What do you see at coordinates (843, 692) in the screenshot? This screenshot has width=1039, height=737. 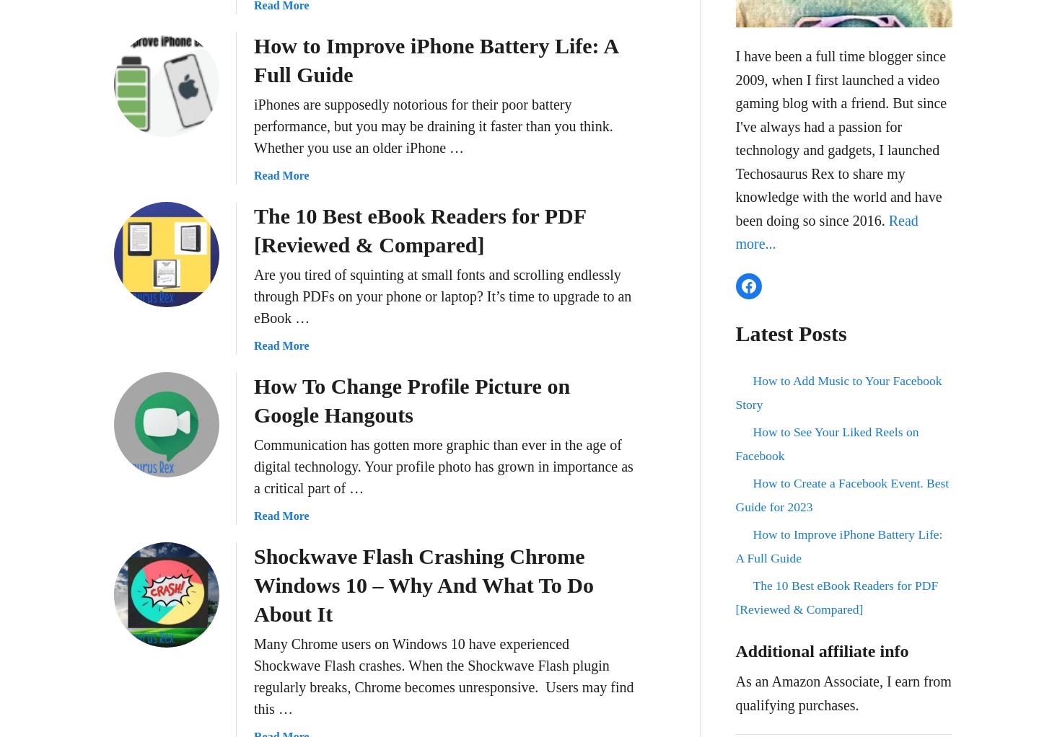 I see `'As an Amazon Associate, I earn from qualifying purchases.'` at bounding box center [843, 692].